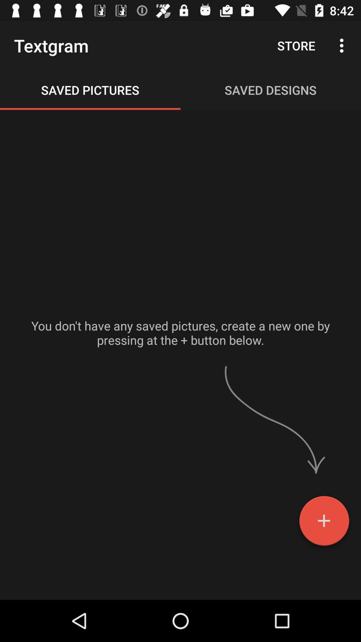  Describe the element at coordinates (296, 45) in the screenshot. I see `the icon above the saved designs` at that location.